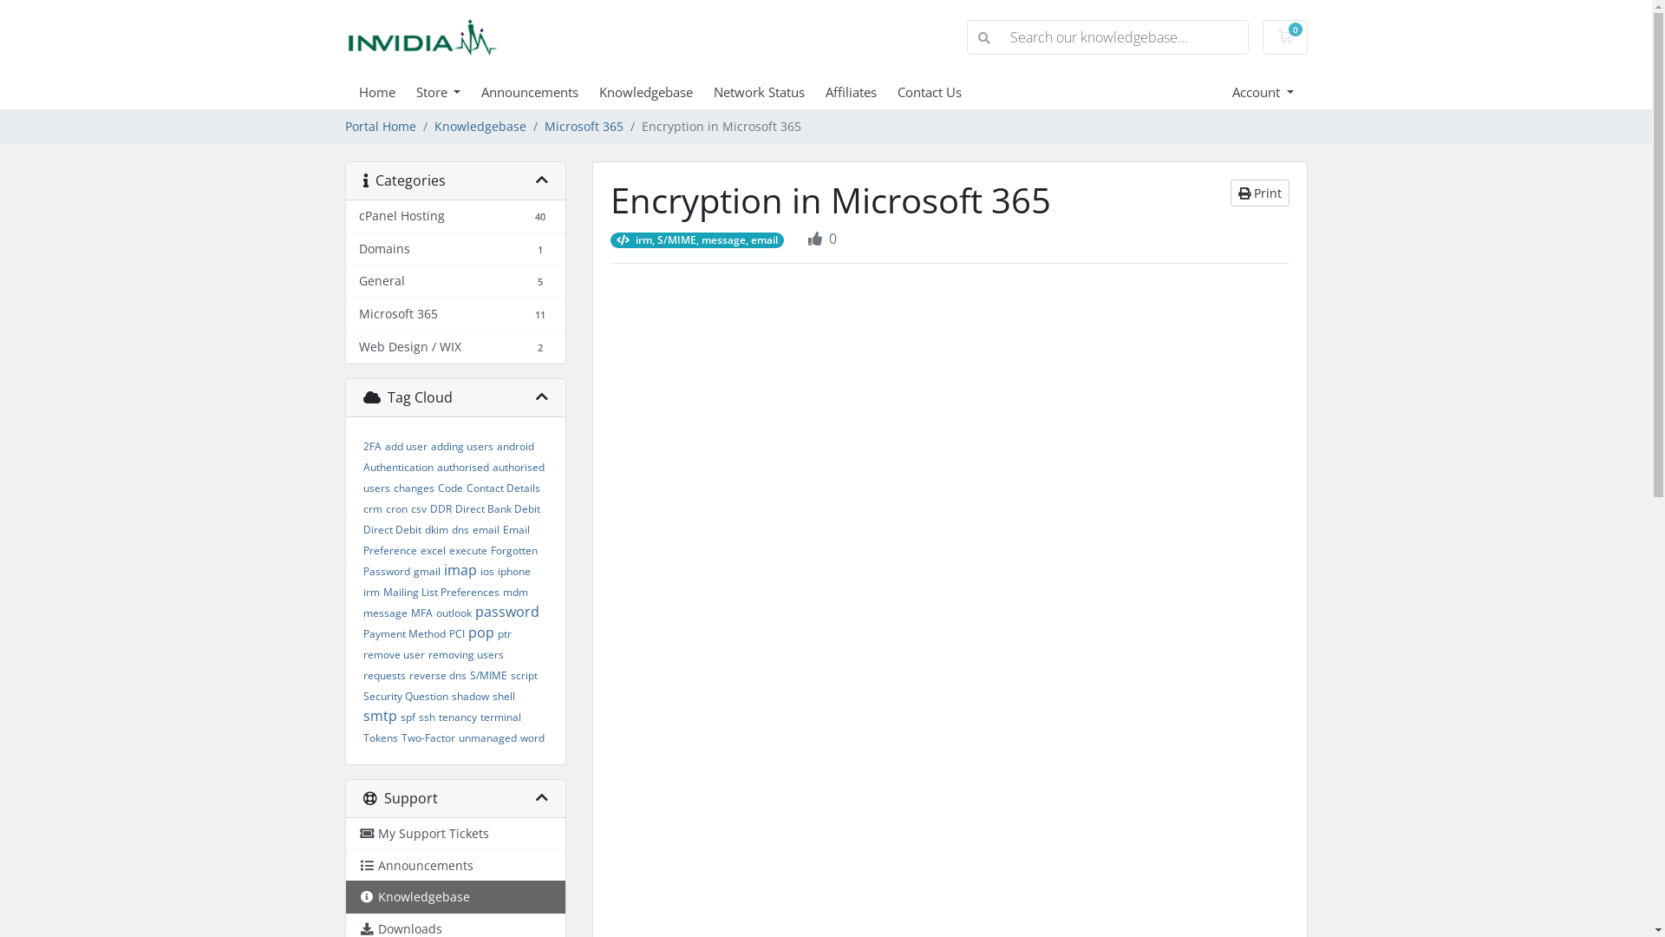 The height and width of the screenshot is (937, 1665). I want to click on 'Portal Home', so click(379, 126).